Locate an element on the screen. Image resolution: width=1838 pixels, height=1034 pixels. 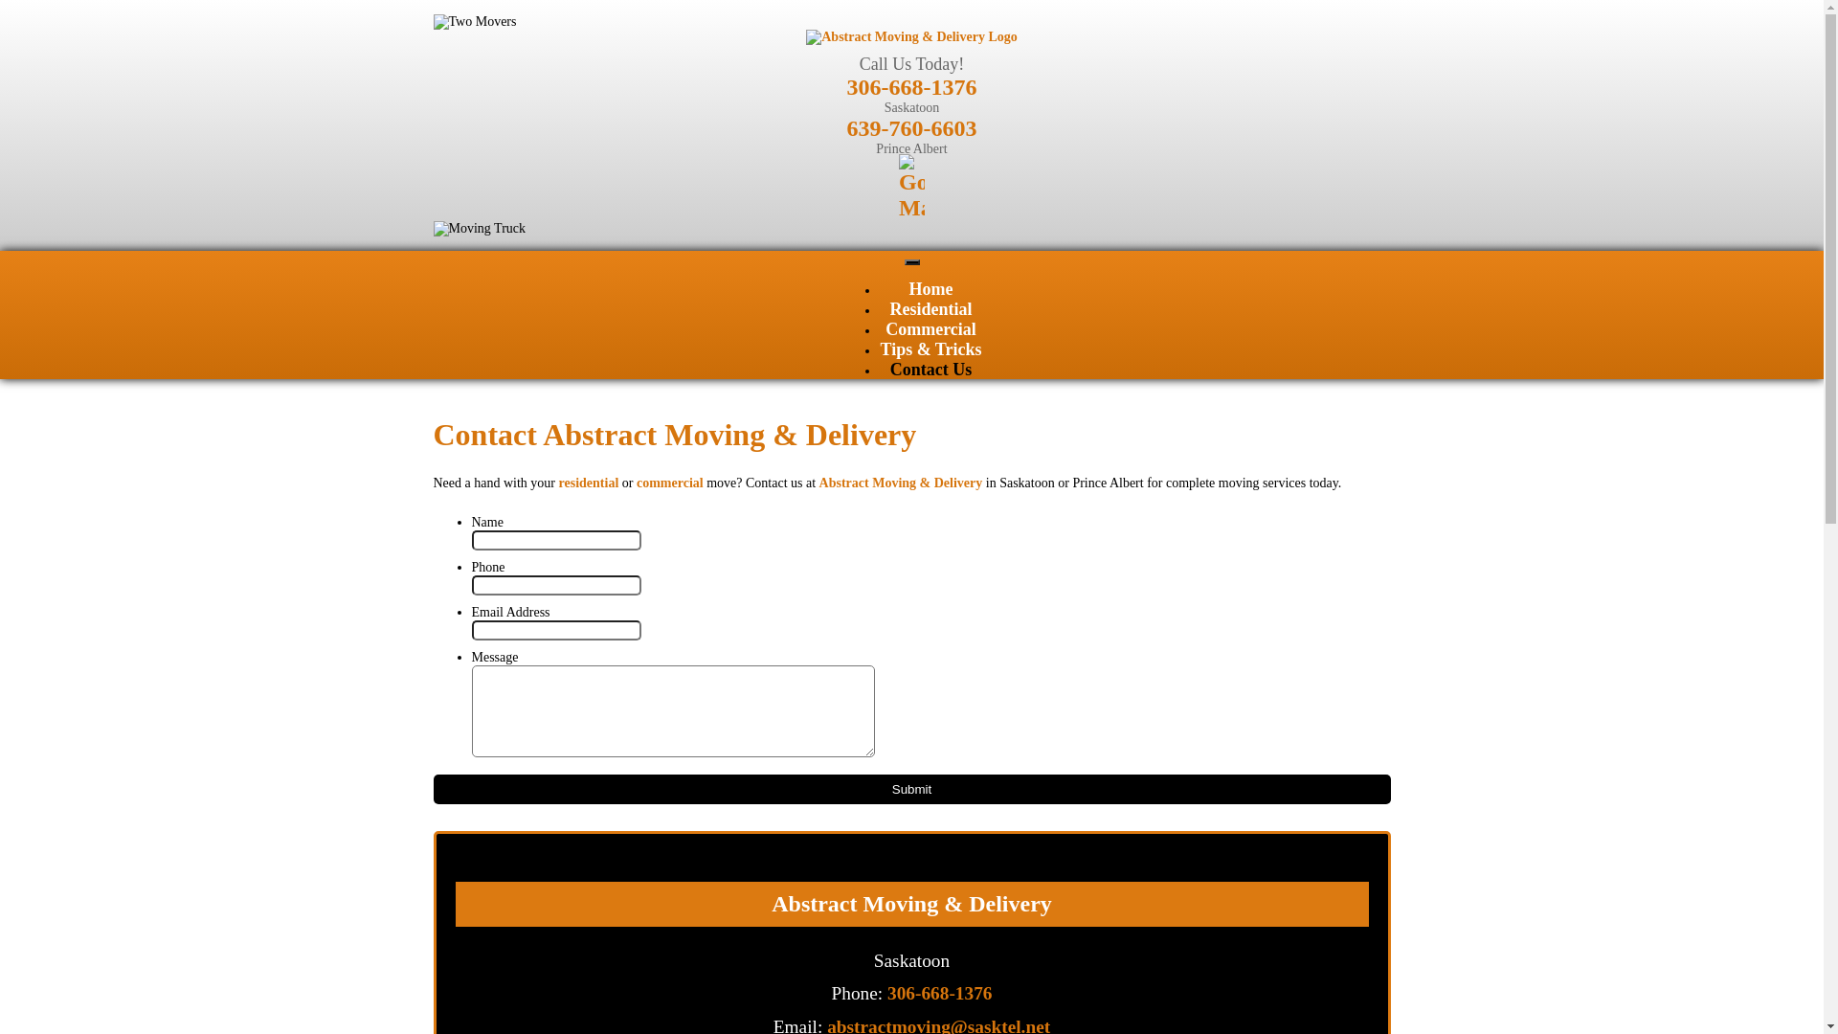
'Residential' is located at coordinates (930, 308).